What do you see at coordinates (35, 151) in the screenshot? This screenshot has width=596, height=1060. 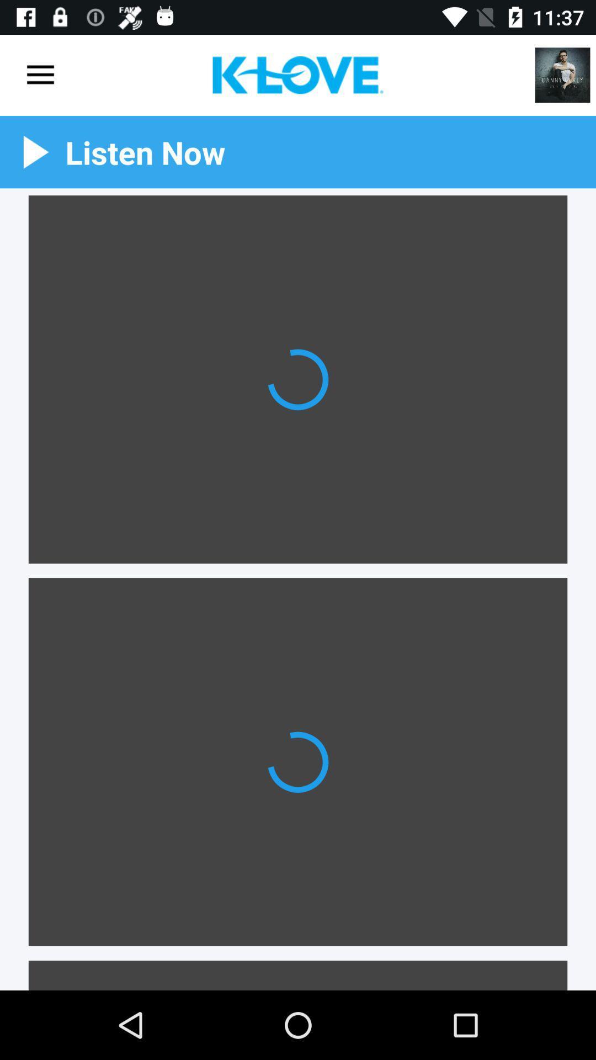 I see `the play icon left to listen now at left top of the page` at bounding box center [35, 151].